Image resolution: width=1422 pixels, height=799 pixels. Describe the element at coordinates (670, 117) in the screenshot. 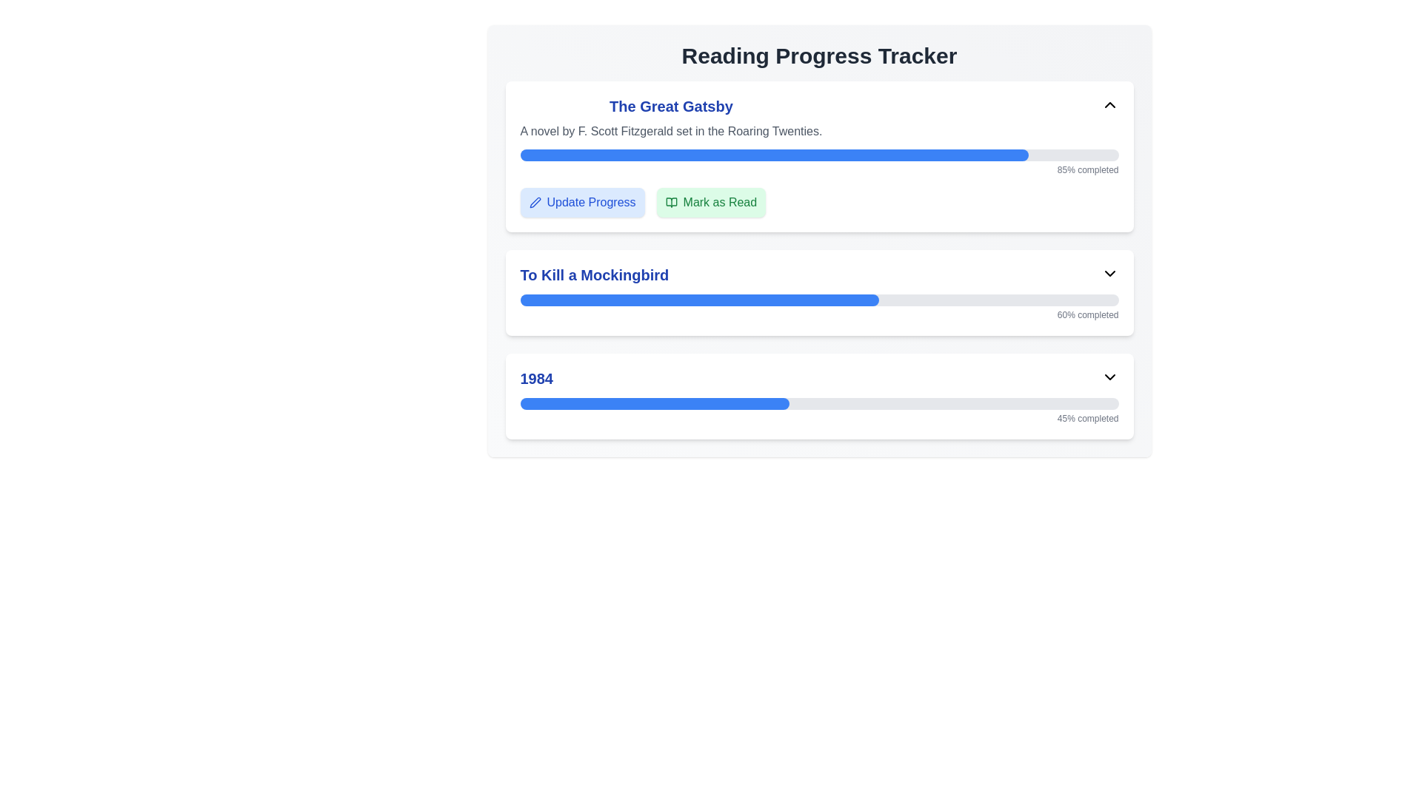

I see `title and description of the book 'The Great Gatsby' displayed in the text block located near the top of the first book entry in the 'Reading Progress Tracker' interface` at that location.